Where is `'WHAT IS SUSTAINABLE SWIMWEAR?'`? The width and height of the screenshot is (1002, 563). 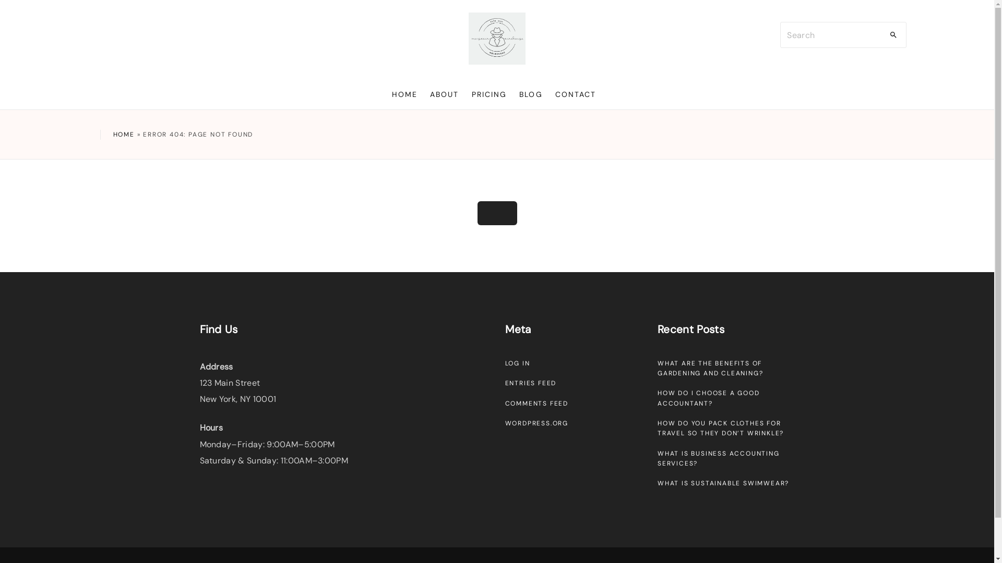 'WHAT IS SUSTAINABLE SWIMWEAR?' is located at coordinates (657, 483).